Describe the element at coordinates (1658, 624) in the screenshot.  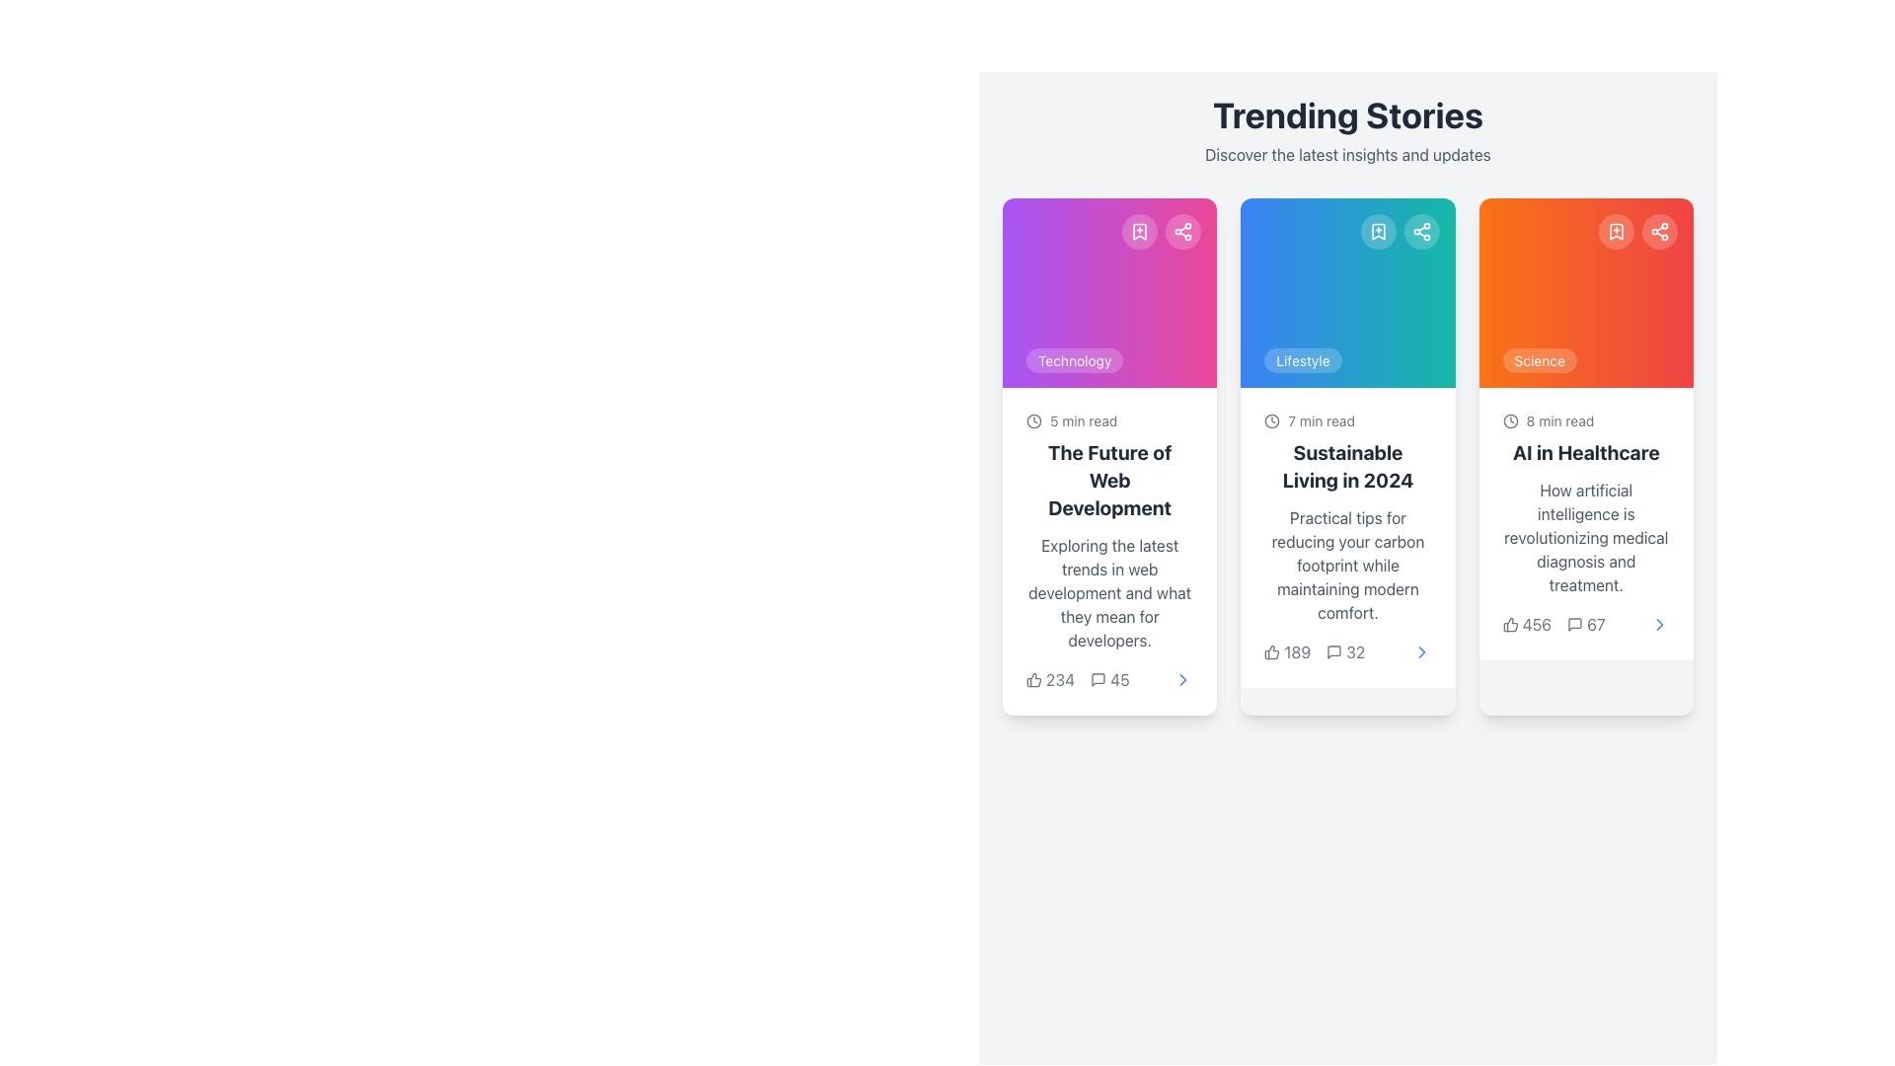
I see `the rightward-pointing chevron icon located at the bottom-right corner of the 'AI in Healthcare' card for potential visual feedback` at that location.